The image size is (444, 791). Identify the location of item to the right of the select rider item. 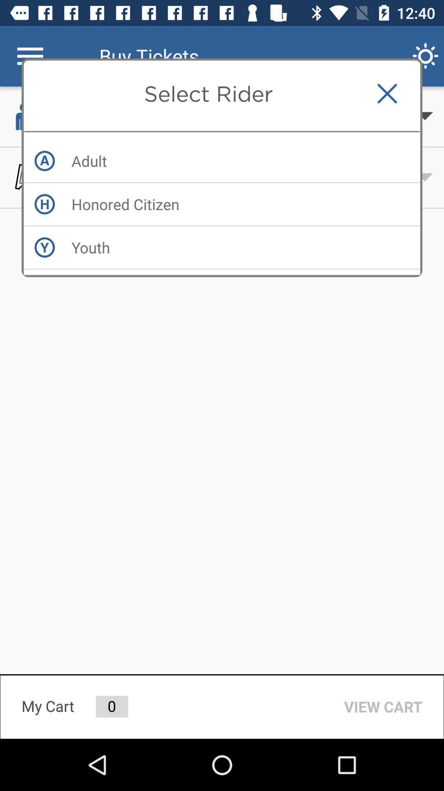
(387, 94).